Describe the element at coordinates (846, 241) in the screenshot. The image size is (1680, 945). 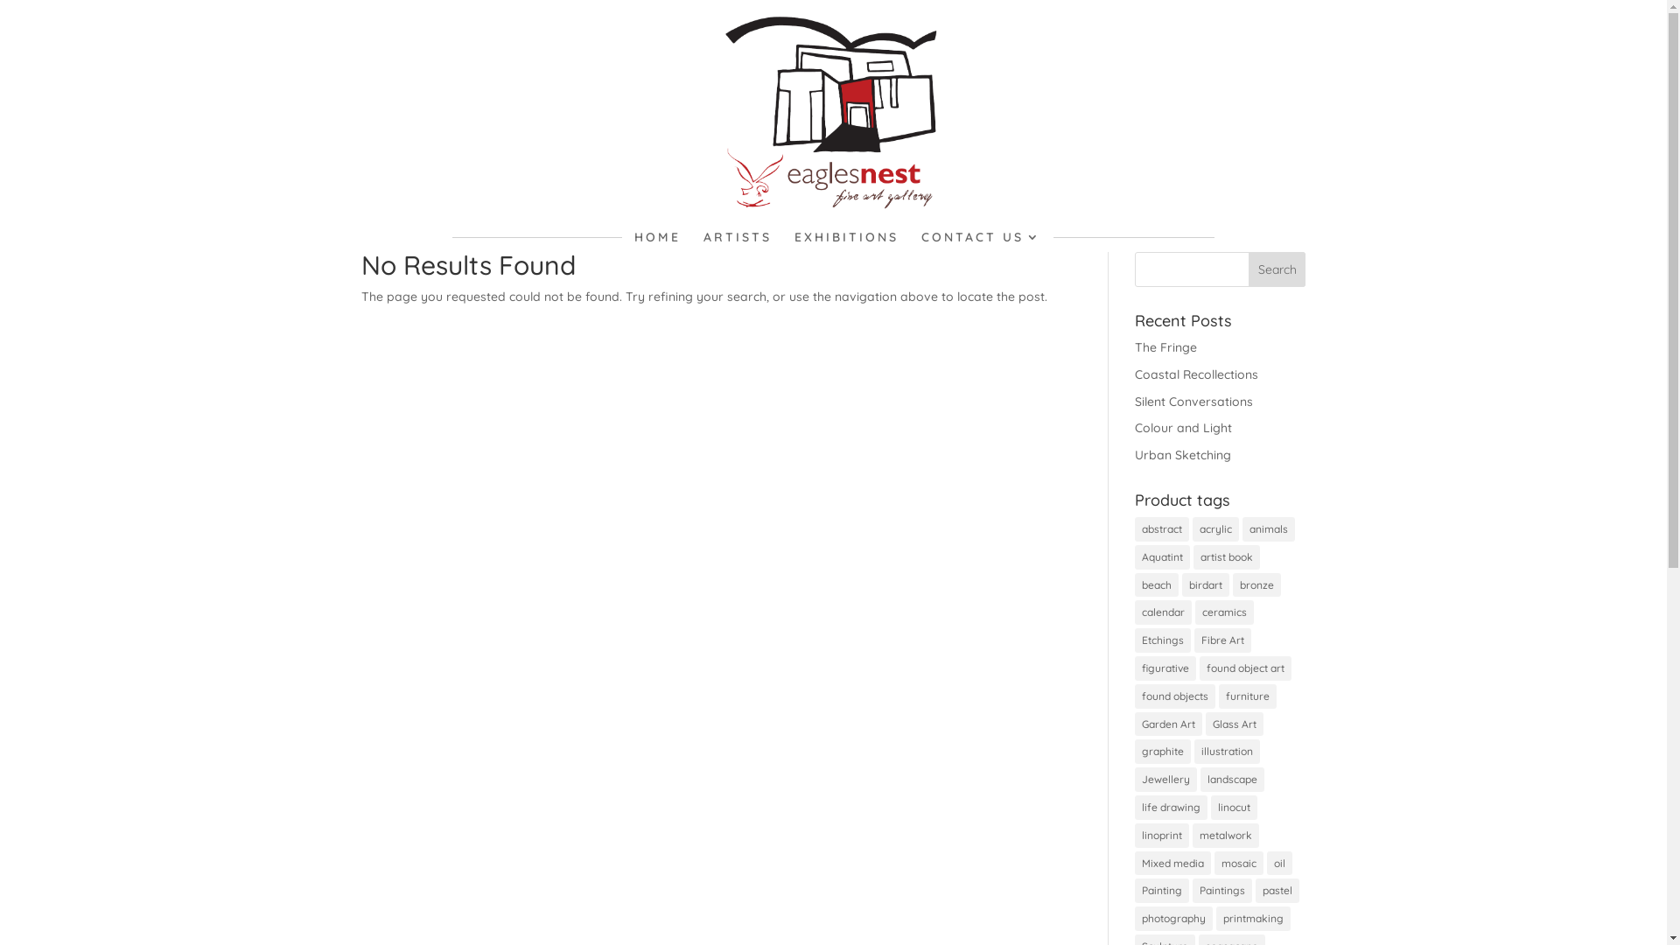
I see `'EXHIBITIONS'` at that location.